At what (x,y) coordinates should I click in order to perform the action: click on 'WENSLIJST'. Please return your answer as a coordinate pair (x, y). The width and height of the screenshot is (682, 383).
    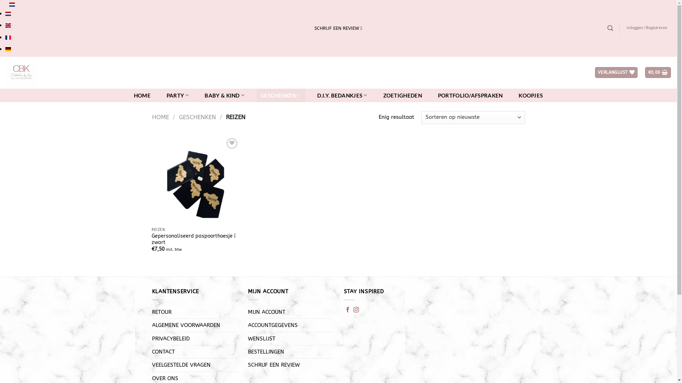
    Looking at the image, I should click on (261, 338).